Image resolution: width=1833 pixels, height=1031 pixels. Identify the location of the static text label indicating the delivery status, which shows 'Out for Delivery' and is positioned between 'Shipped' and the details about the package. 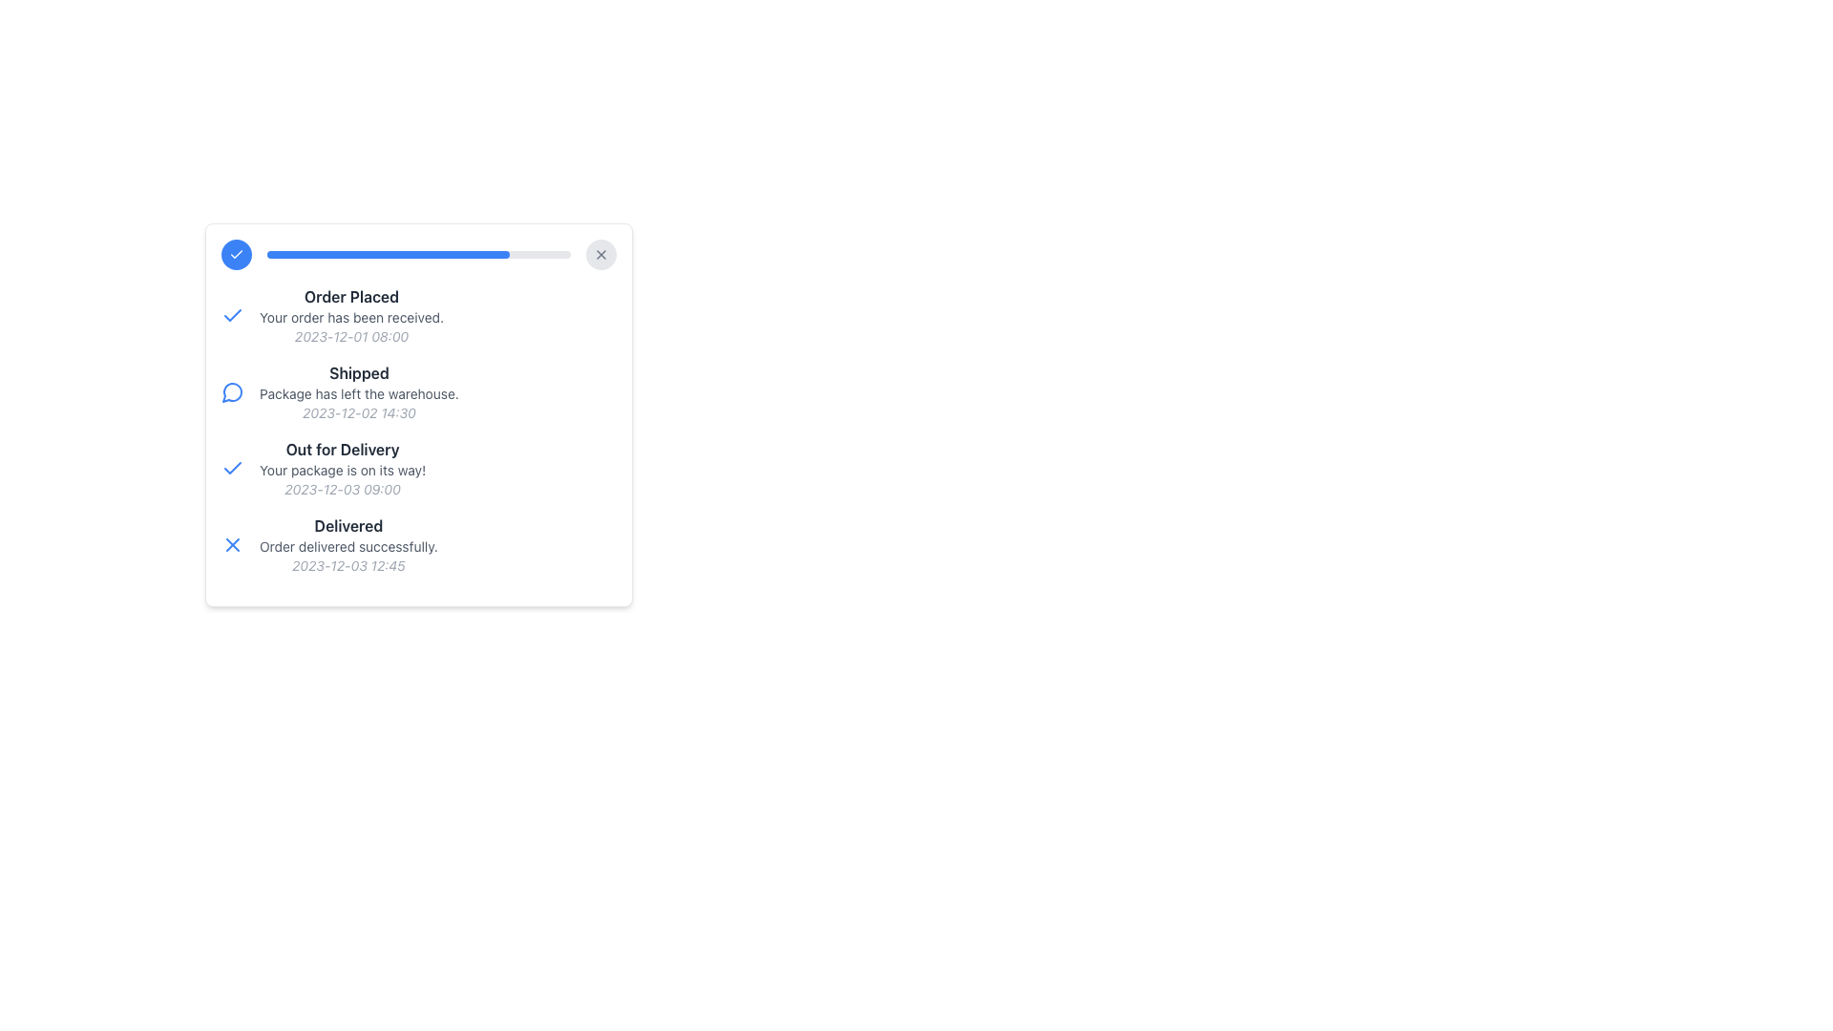
(343, 449).